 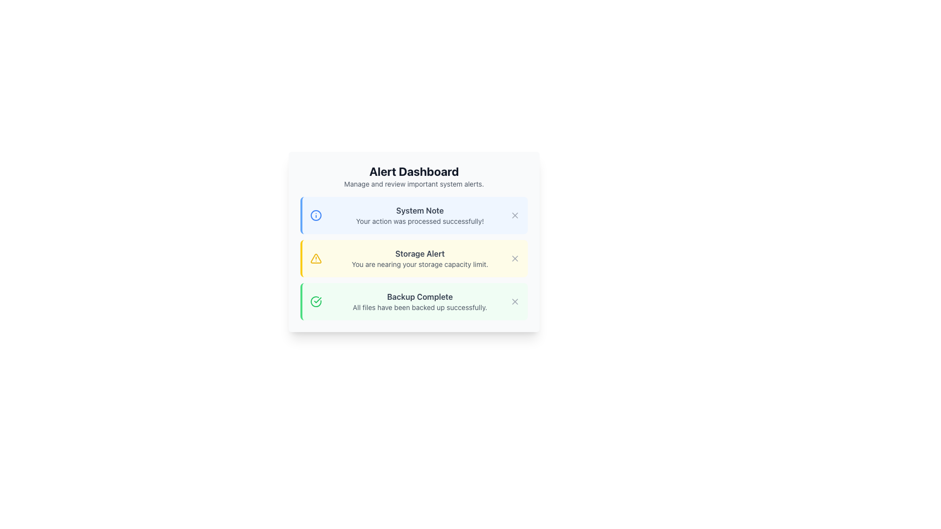 What do you see at coordinates (420, 253) in the screenshot?
I see `the 'Storage Alert' text label in the second notification panel, which summarizes the alert about nearing storage capacity` at bounding box center [420, 253].